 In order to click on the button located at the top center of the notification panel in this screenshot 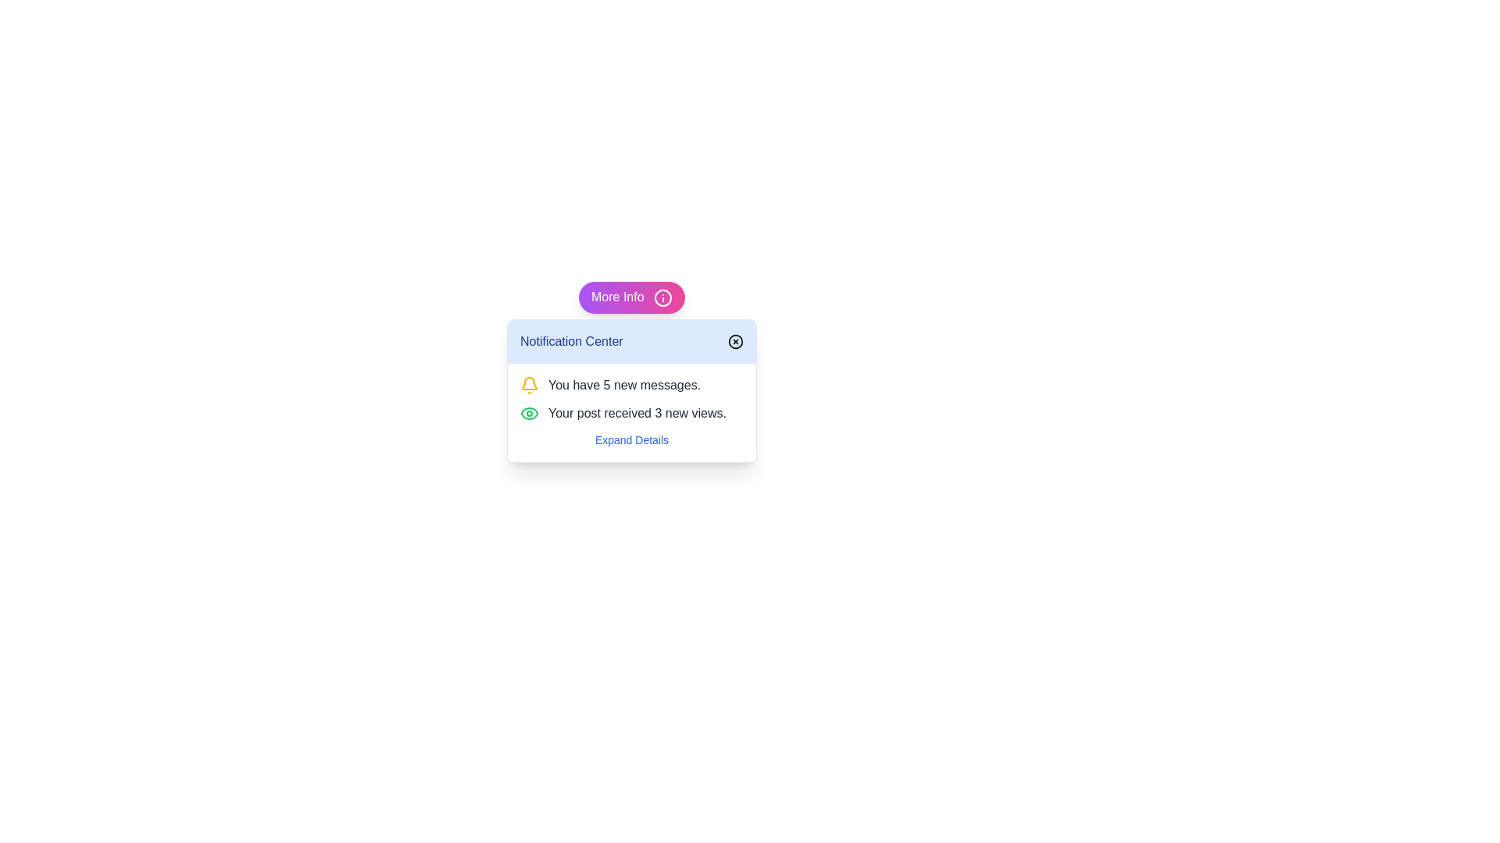, I will do `click(632, 297)`.